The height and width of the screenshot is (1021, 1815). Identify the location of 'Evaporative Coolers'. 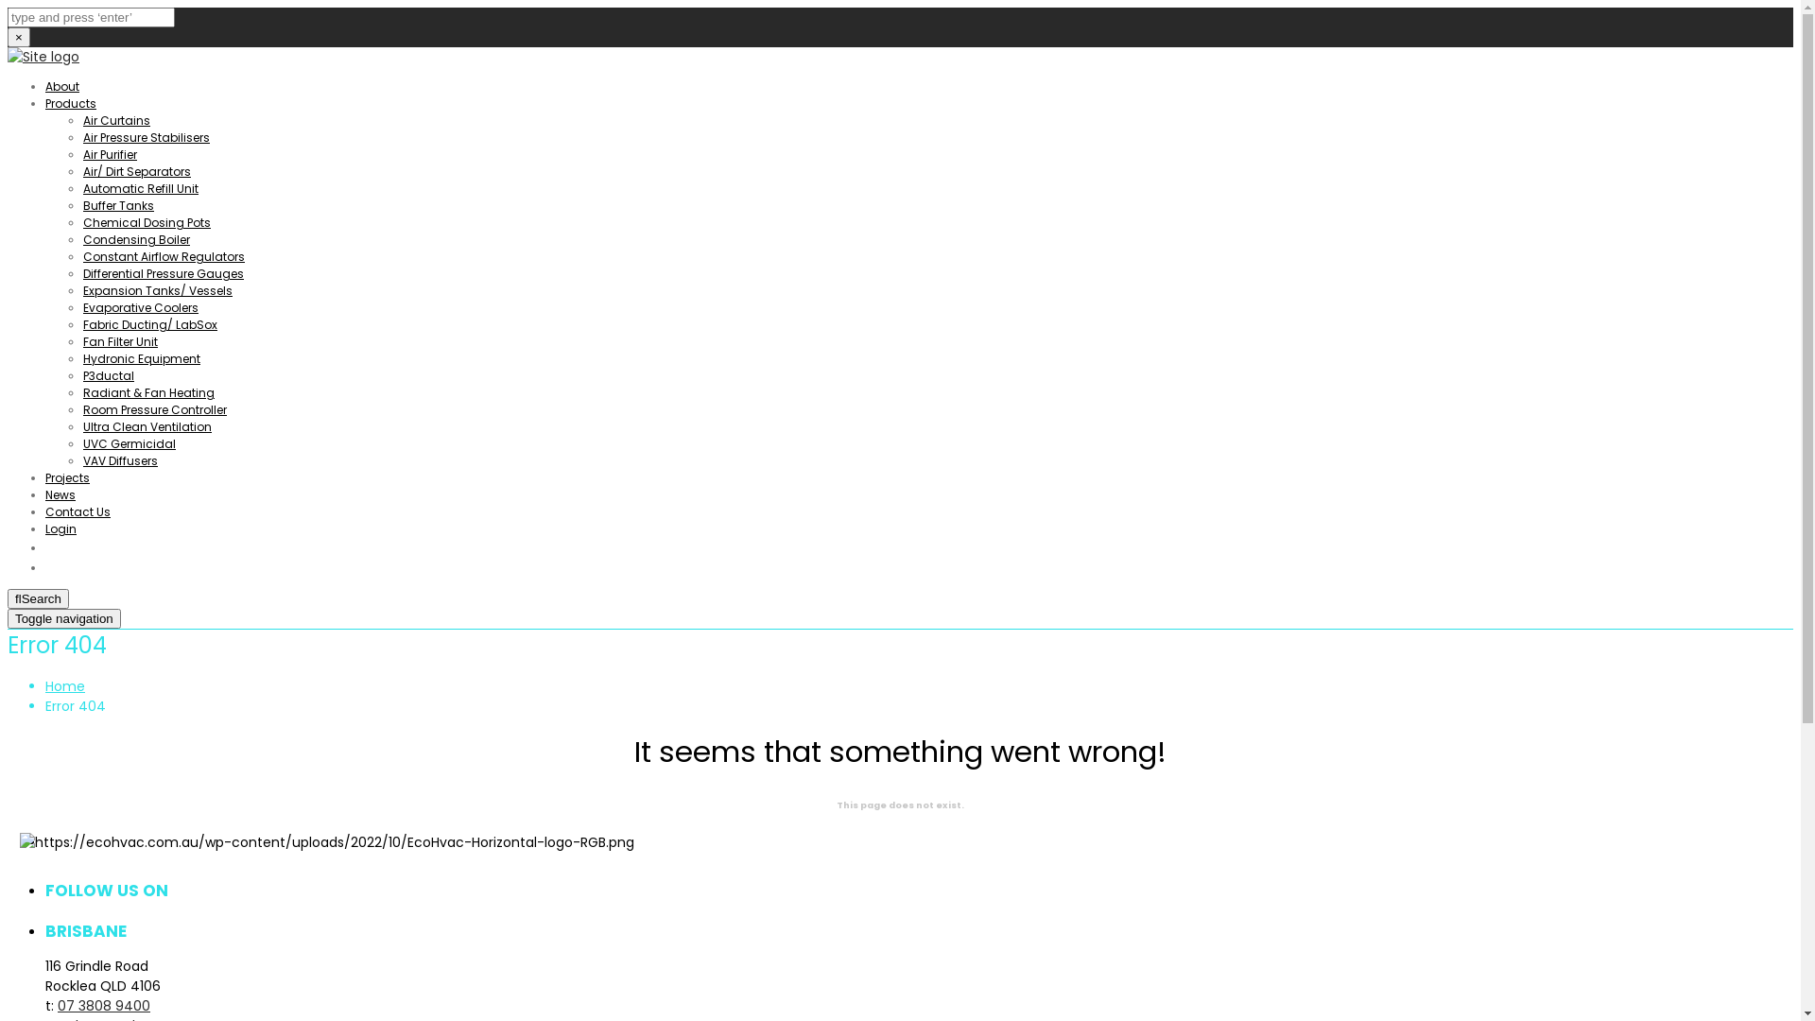
(81, 306).